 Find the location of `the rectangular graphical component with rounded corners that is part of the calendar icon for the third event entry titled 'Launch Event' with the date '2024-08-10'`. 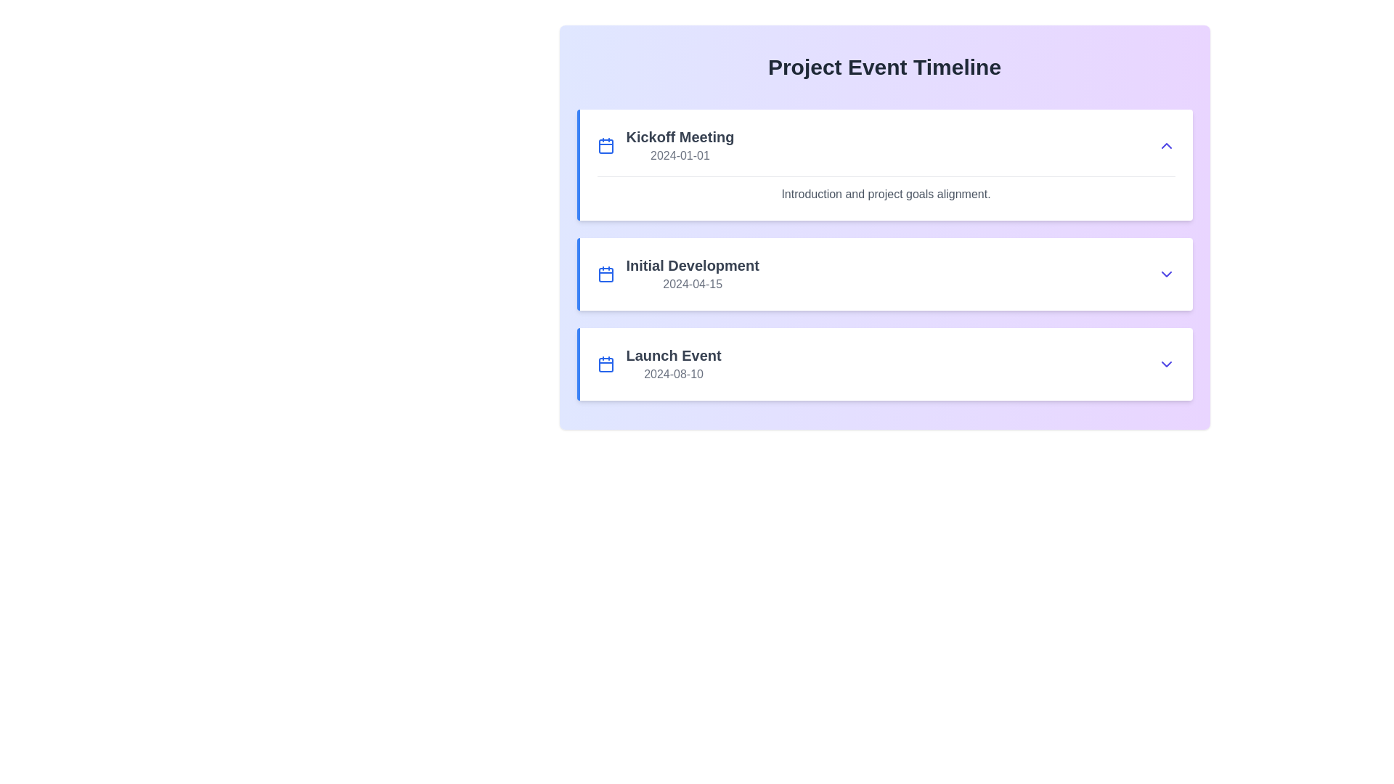

the rectangular graphical component with rounded corners that is part of the calendar icon for the third event entry titled 'Launch Event' with the date '2024-08-10' is located at coordinates (606, 364).